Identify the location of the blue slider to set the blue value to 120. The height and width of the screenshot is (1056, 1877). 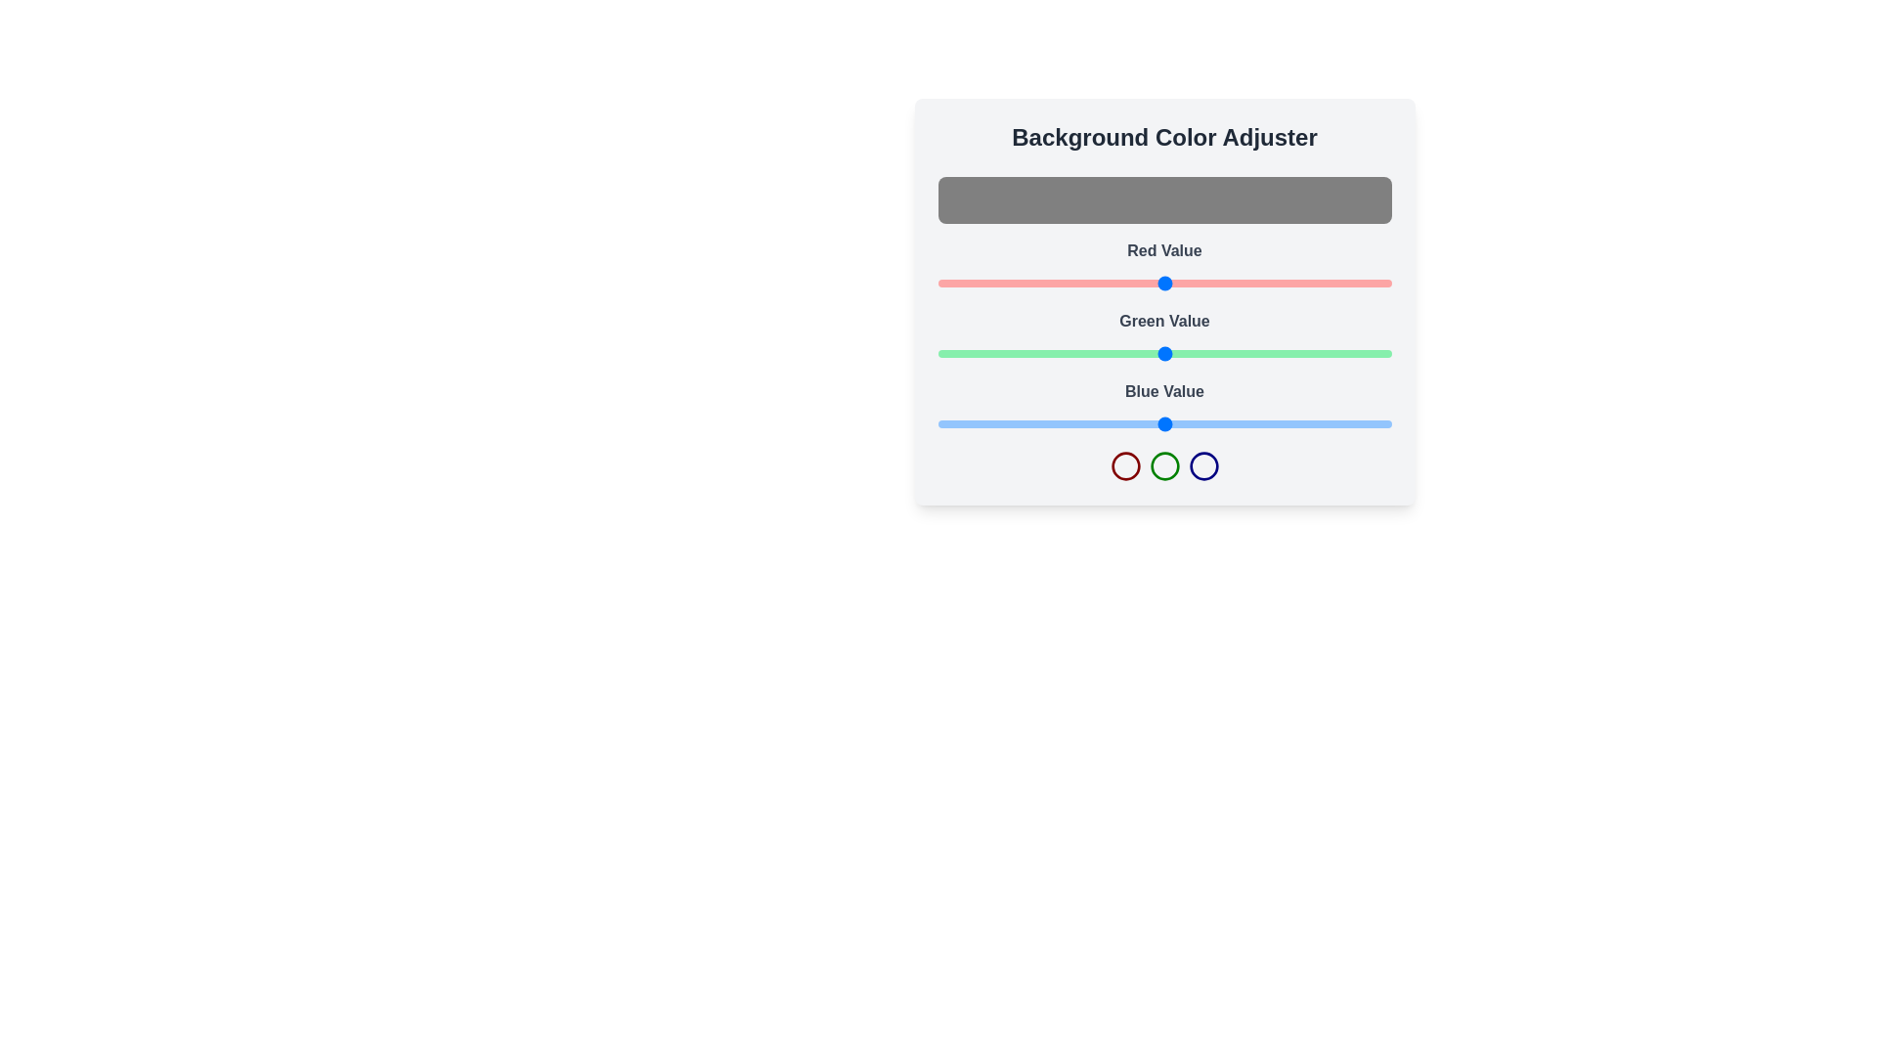
(1151, 423).